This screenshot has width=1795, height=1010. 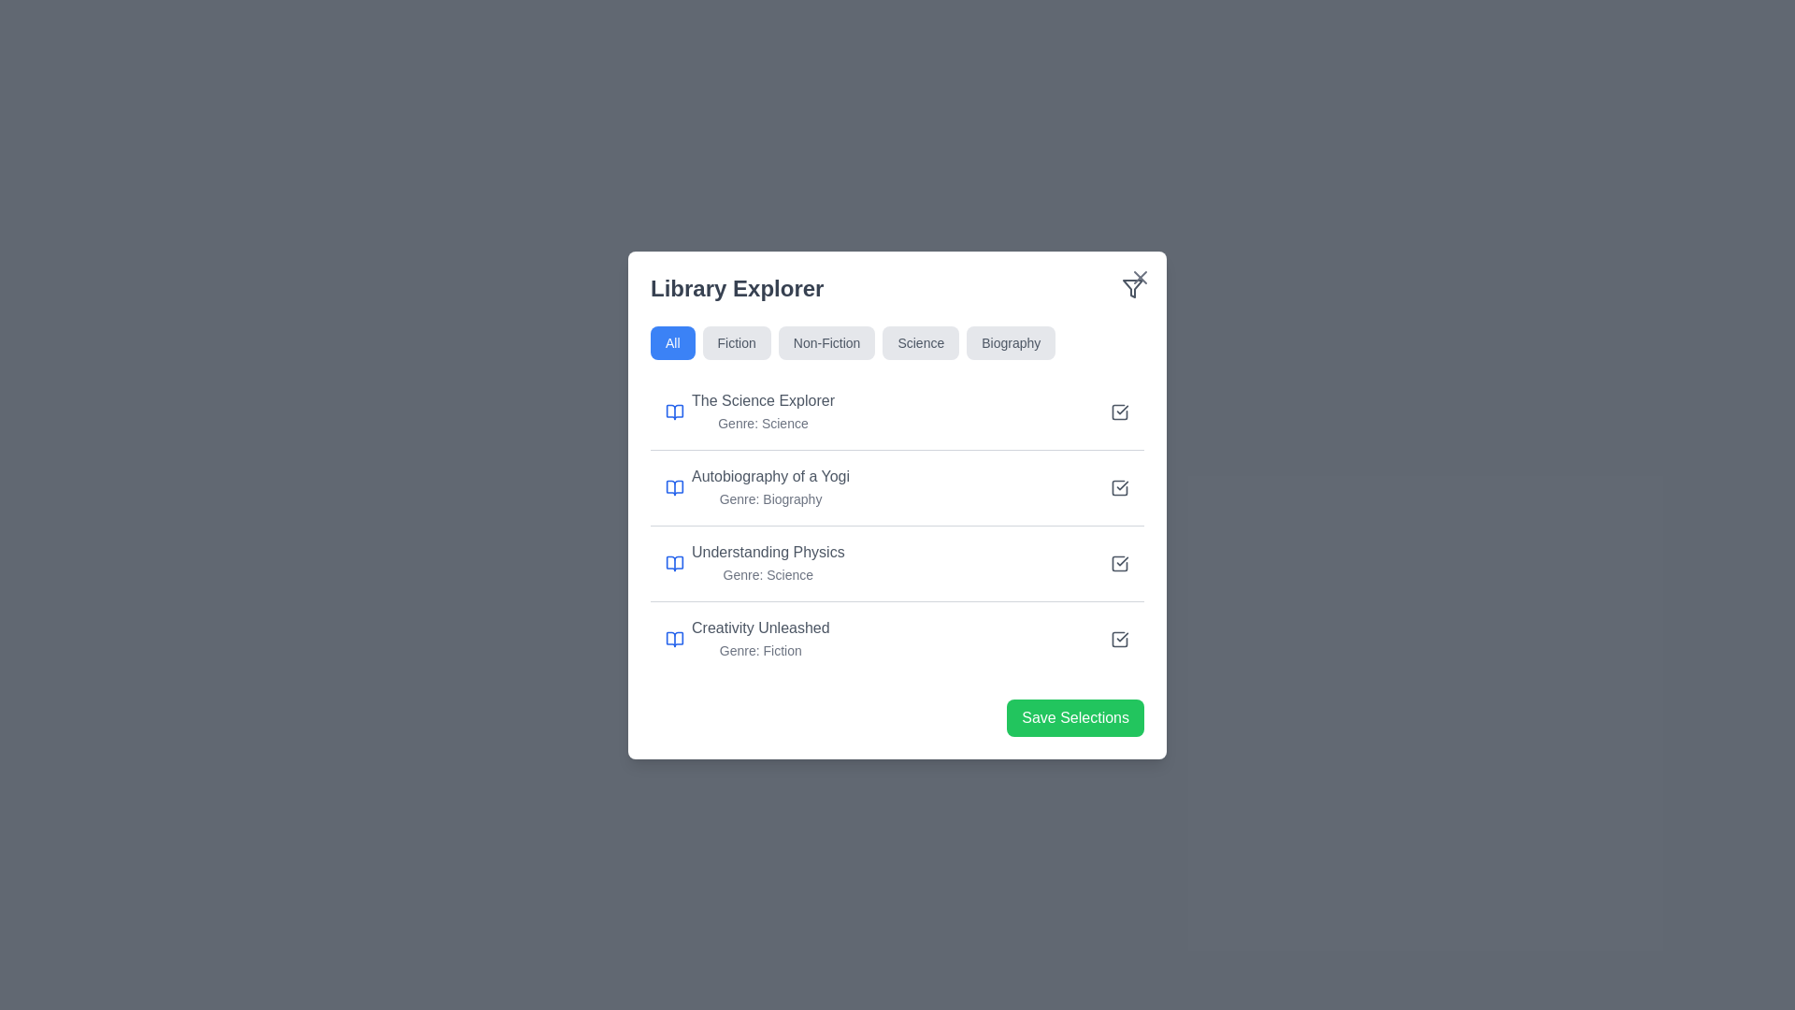 I want to click on displayed information from the first entry in the 'Library Explorer' section, which includes the title 'The Science Explorer' and the genre 'Genre: Science', so click(x=897, y=410).